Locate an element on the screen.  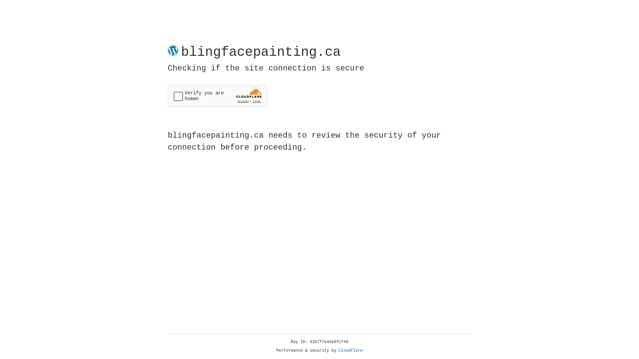
'Widget containing a Cloudflare security challenge' is located at coordinates (217, 96).